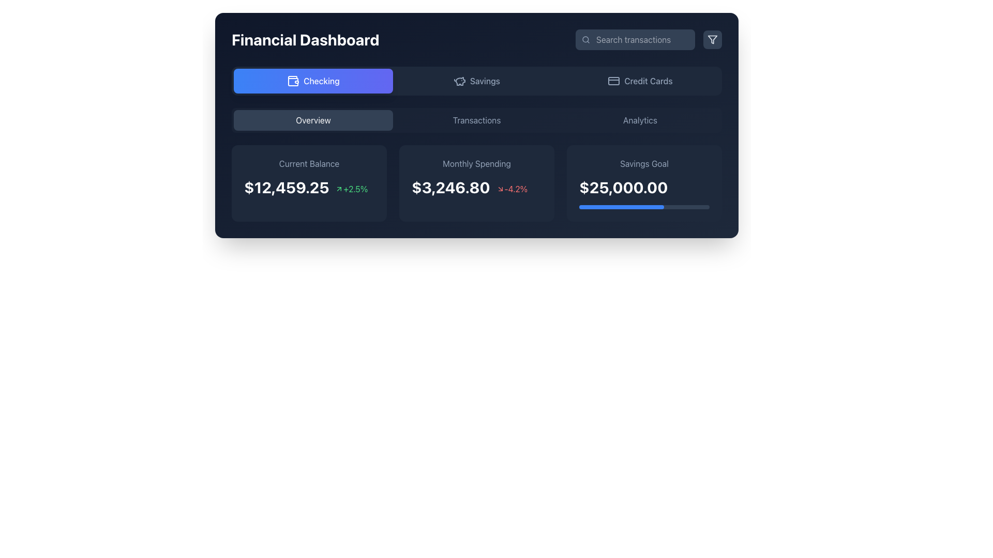 This screenshot has height=558, width=993. Describe the element at coordinates (476, 119) in the screenshot. I see `the navigation button located between 'Overview' and 'Analytics'` at that location.